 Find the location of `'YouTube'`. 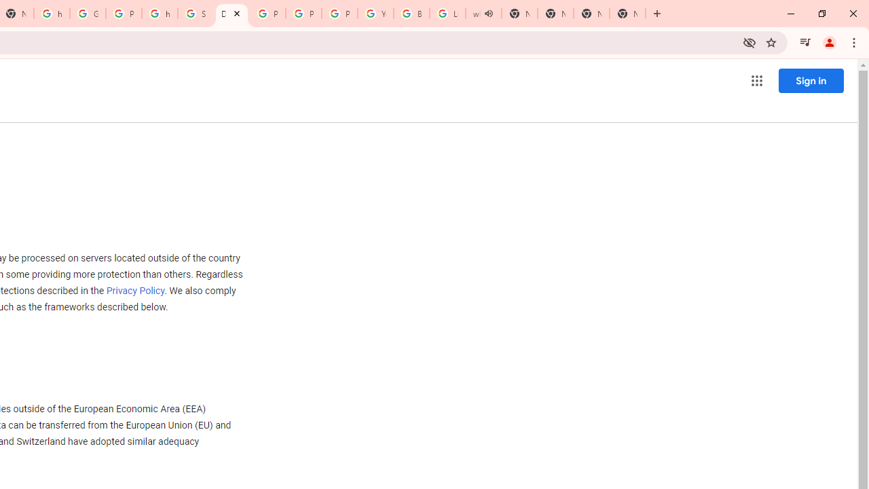

'YouTube' is located at coordinates (375, 14).